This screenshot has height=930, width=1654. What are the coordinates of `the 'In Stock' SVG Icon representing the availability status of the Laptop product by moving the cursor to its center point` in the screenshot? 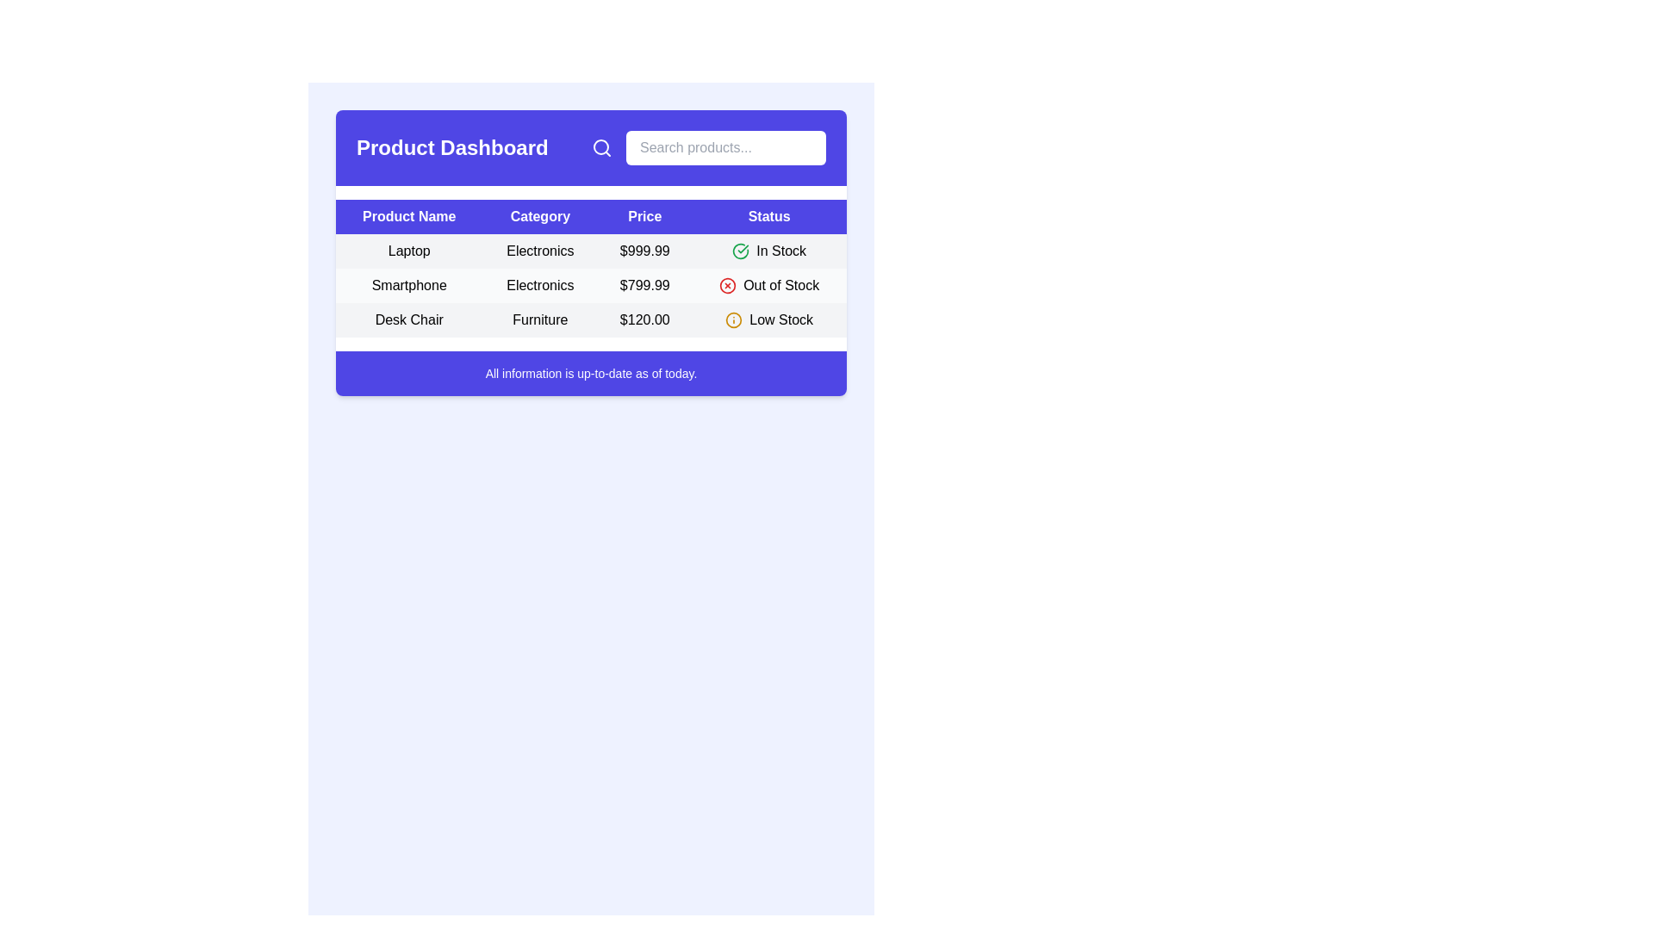 It's located at (741, 251).